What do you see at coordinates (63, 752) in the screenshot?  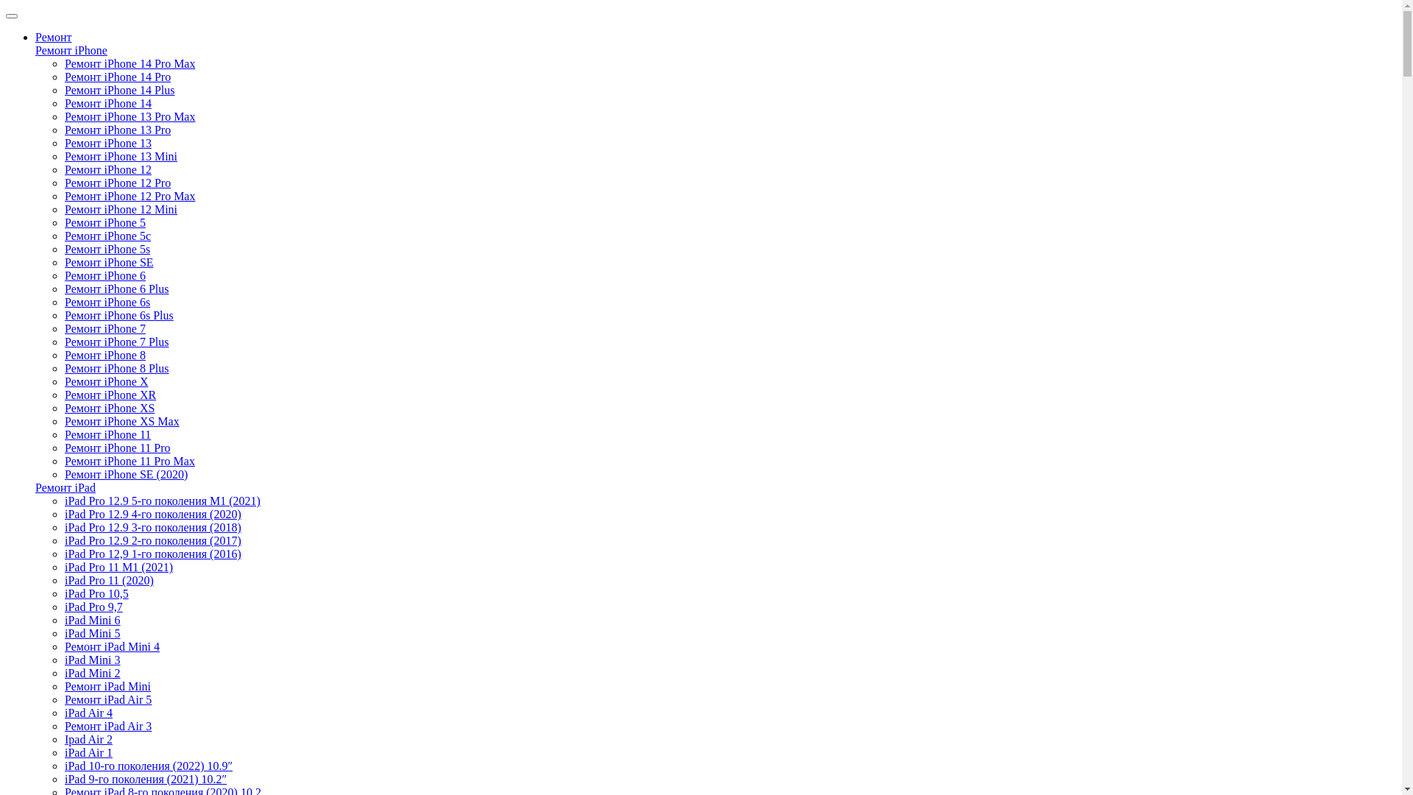 I see `'iPad Air 1'` at bounding box center [63, 752].